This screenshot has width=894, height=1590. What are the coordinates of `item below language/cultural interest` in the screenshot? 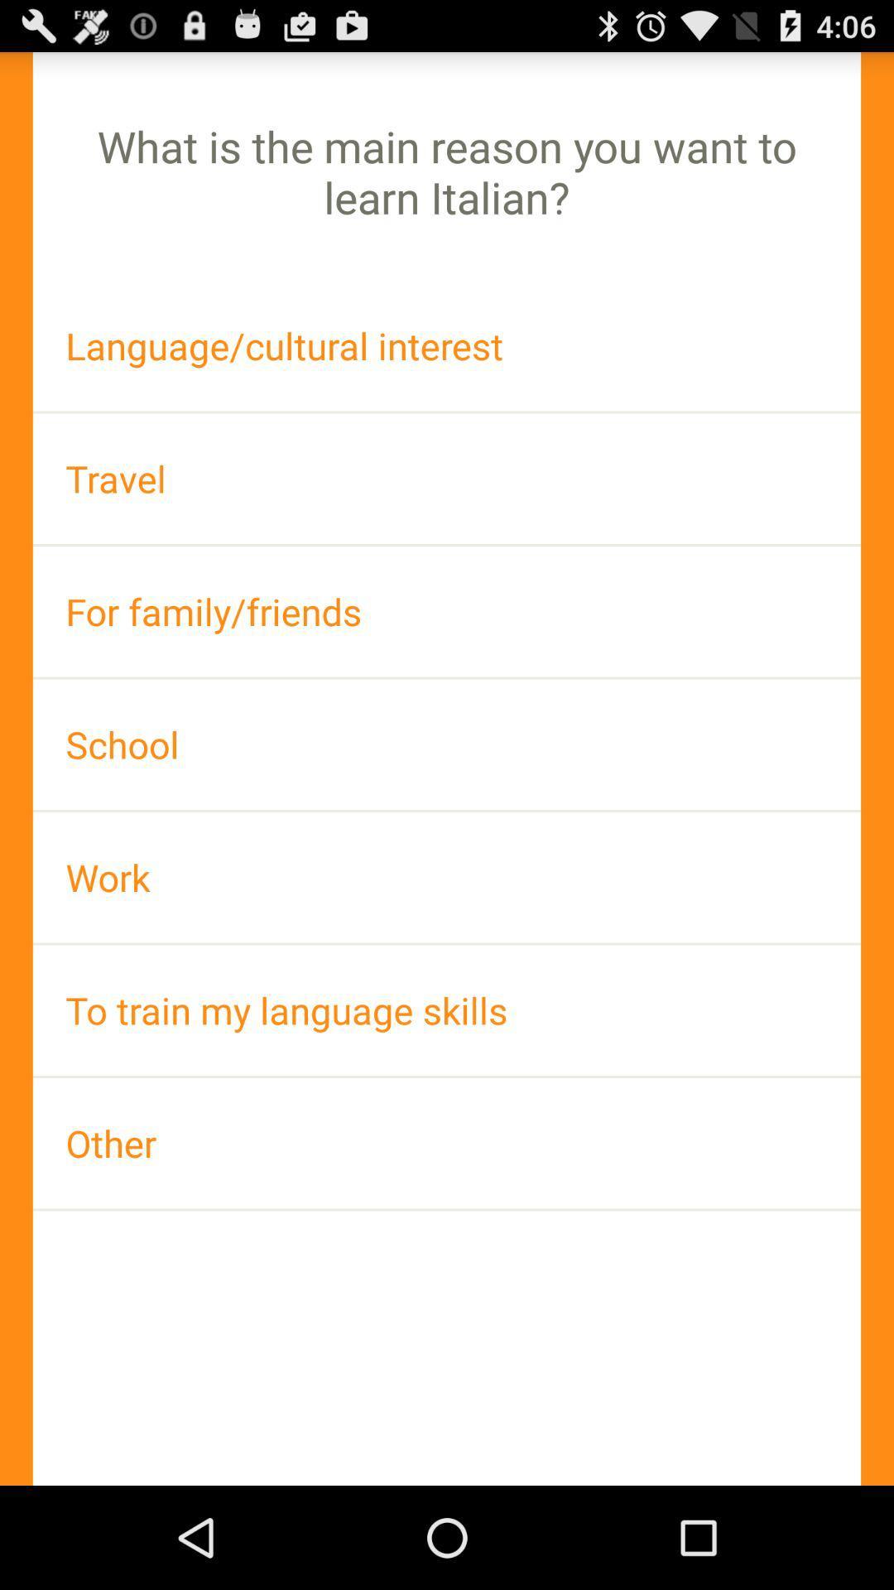 It's located at (447, 478).